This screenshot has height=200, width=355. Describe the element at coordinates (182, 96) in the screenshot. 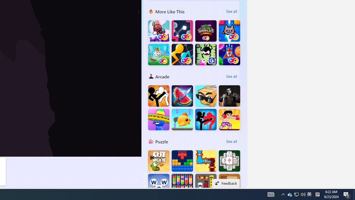

I see `'Fruit Chopper'` at that location.